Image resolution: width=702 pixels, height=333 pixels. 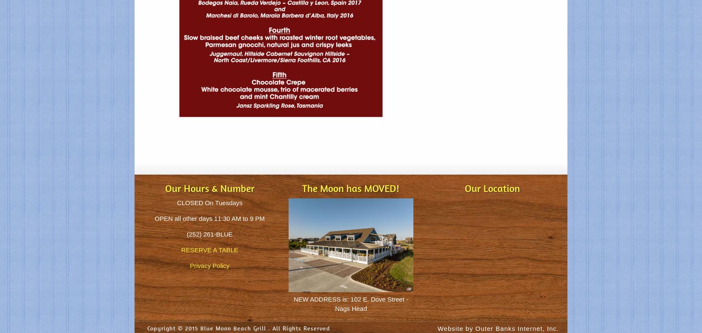 What do you see at coordinates (209, 265) in the screenshot?
I see `'Privacy Policy'` at bounding box center [209, 265].